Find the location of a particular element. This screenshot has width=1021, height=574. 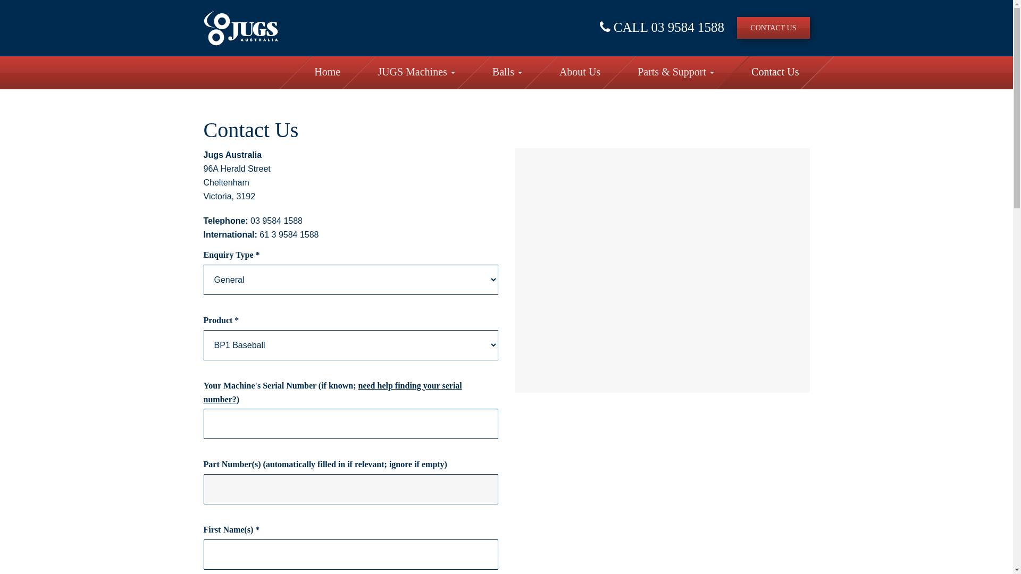

'need help finding your serial number?' is located at coordinates (331, 392).